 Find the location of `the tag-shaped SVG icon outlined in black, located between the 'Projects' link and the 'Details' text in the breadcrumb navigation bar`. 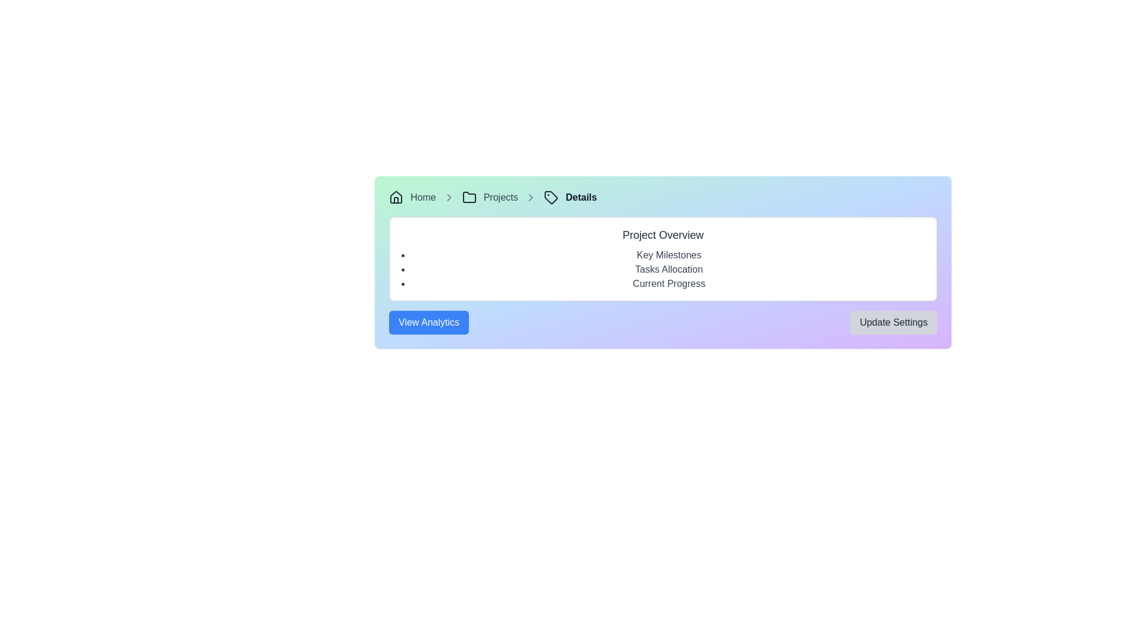

the tag-shaped SVG icon outlined in black, located between the 'Projects' link and the 'Details' text in the breadcrumb navigation bar is located at coordinates (551, 196).